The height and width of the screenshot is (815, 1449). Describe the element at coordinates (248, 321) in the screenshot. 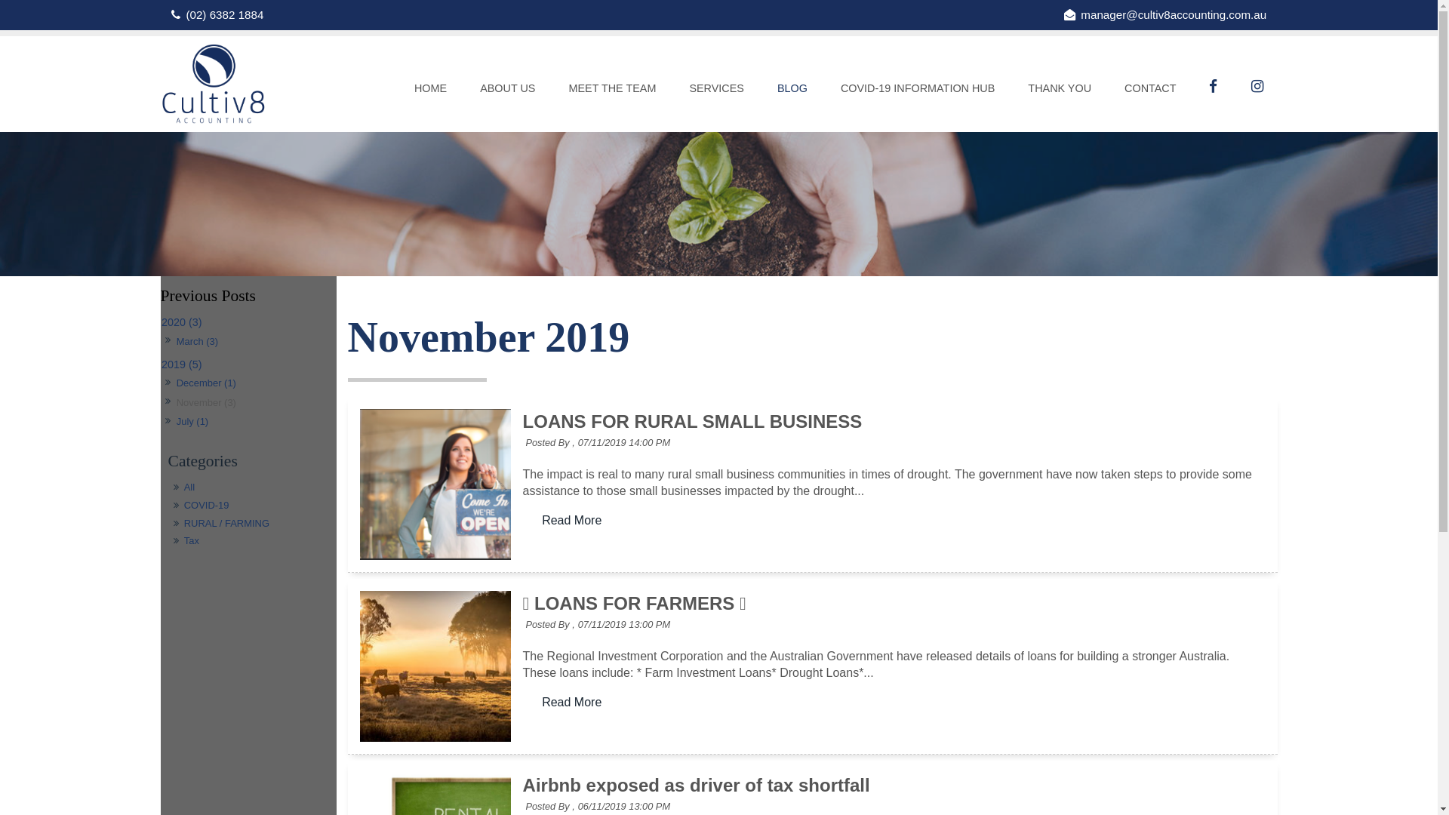

I see `'2020 (3)'` at that location.